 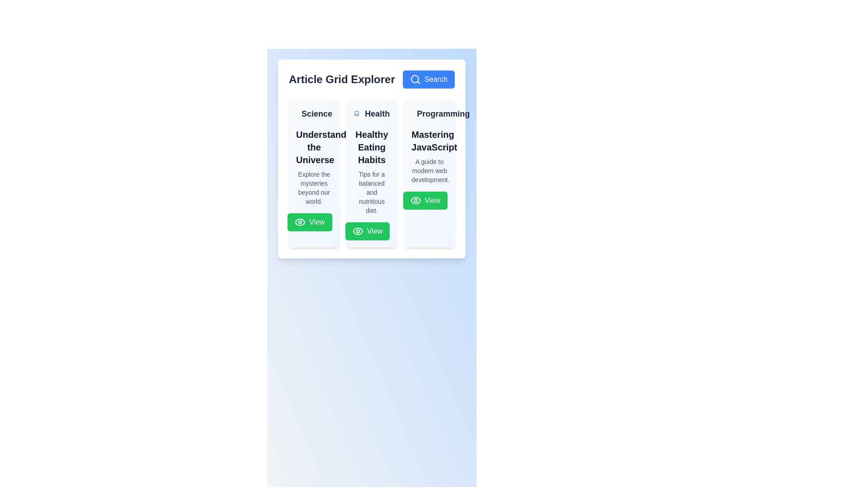 I want to click on the 'View' button with a green background and eye icon located at the bottom-right corner of the 'Programming' and 'Mastering JavaScript' card, so click(x=429, y=200).